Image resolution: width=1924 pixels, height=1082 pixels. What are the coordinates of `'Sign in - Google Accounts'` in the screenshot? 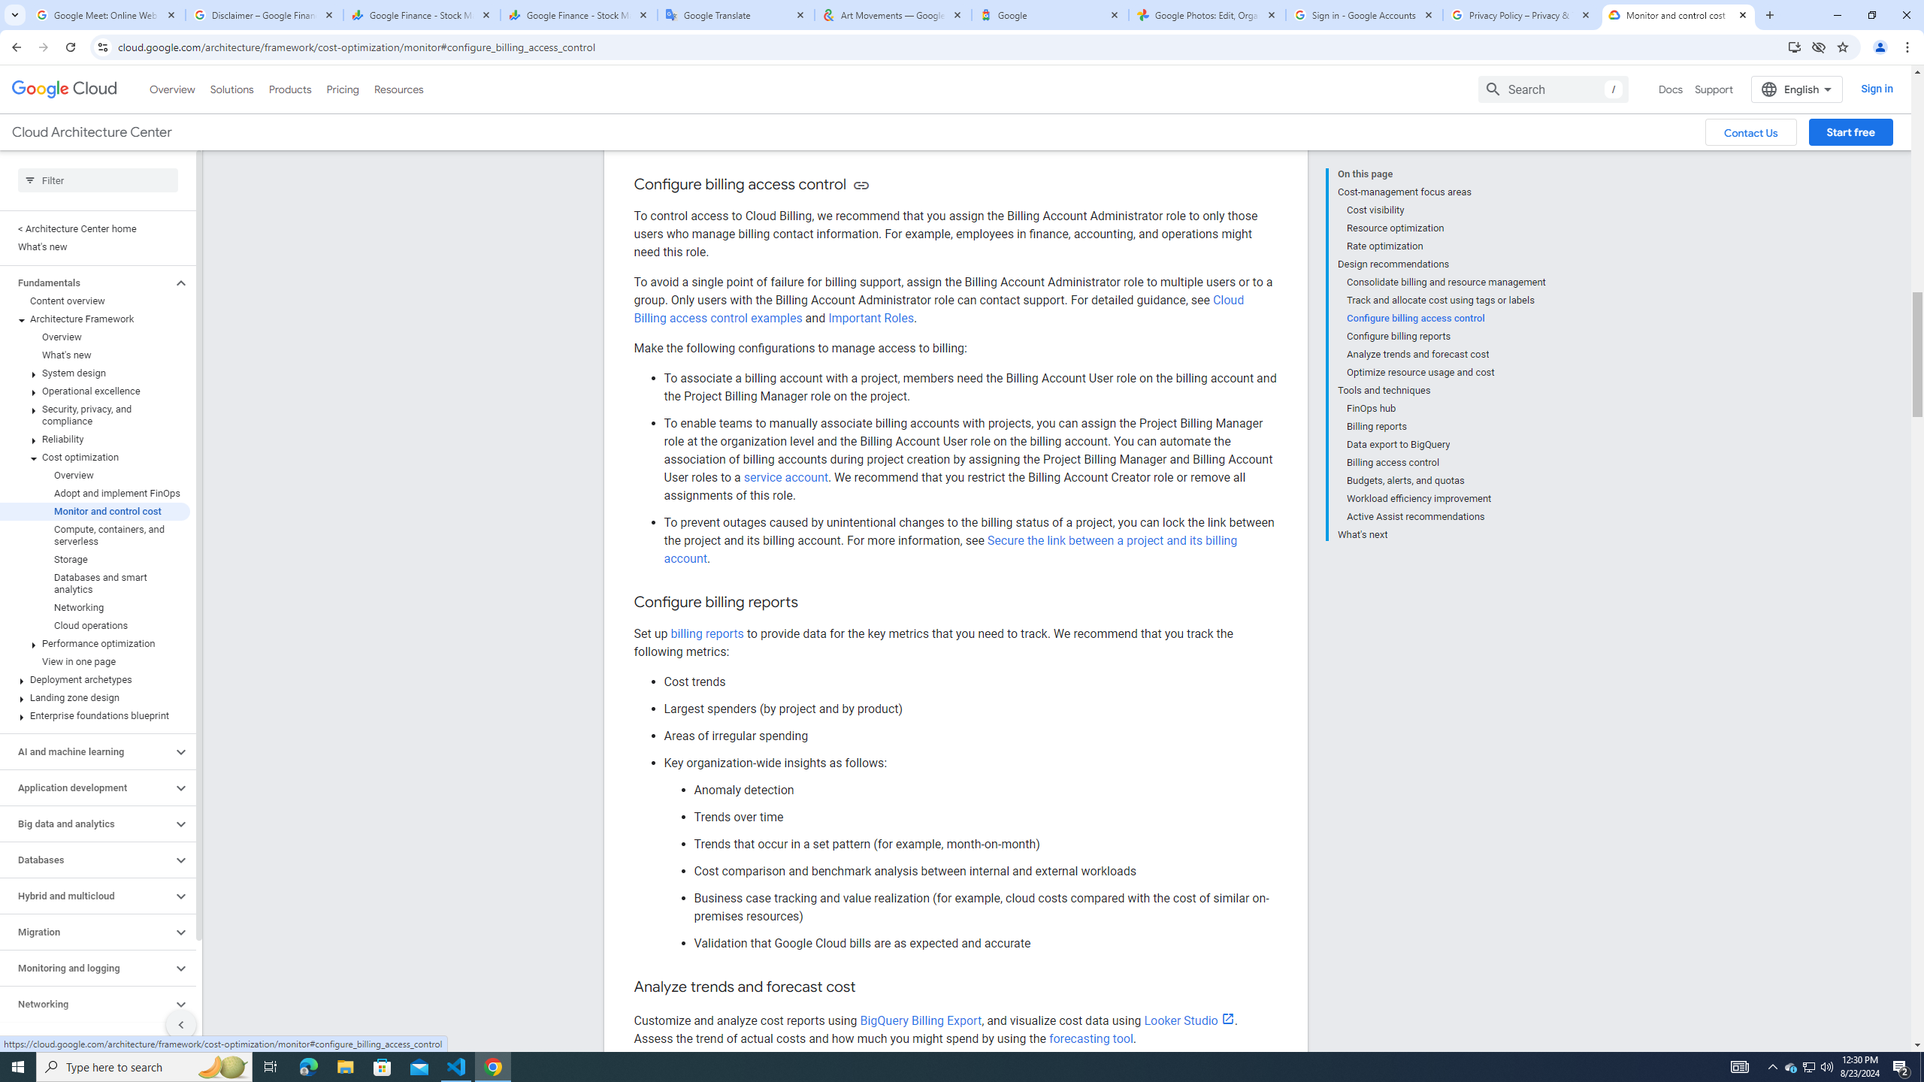 It's located at (1364, 14).